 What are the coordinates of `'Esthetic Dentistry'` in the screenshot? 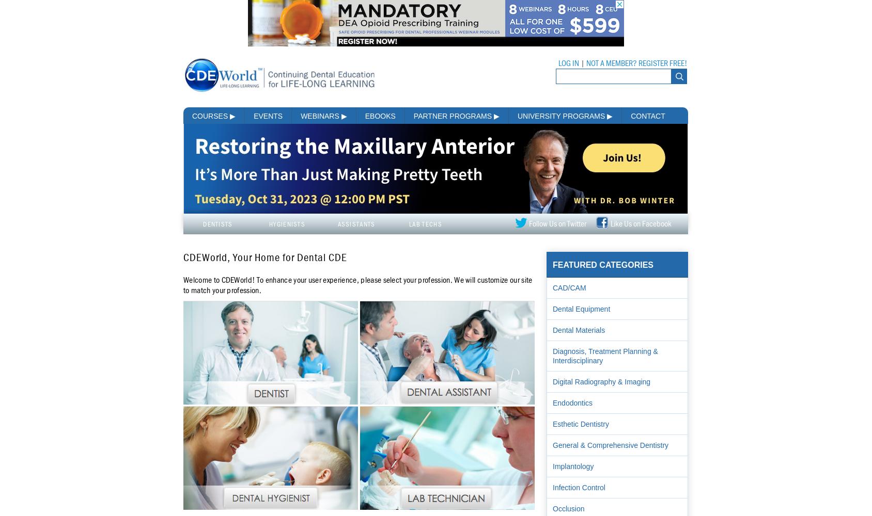 It's located at (580, 423).